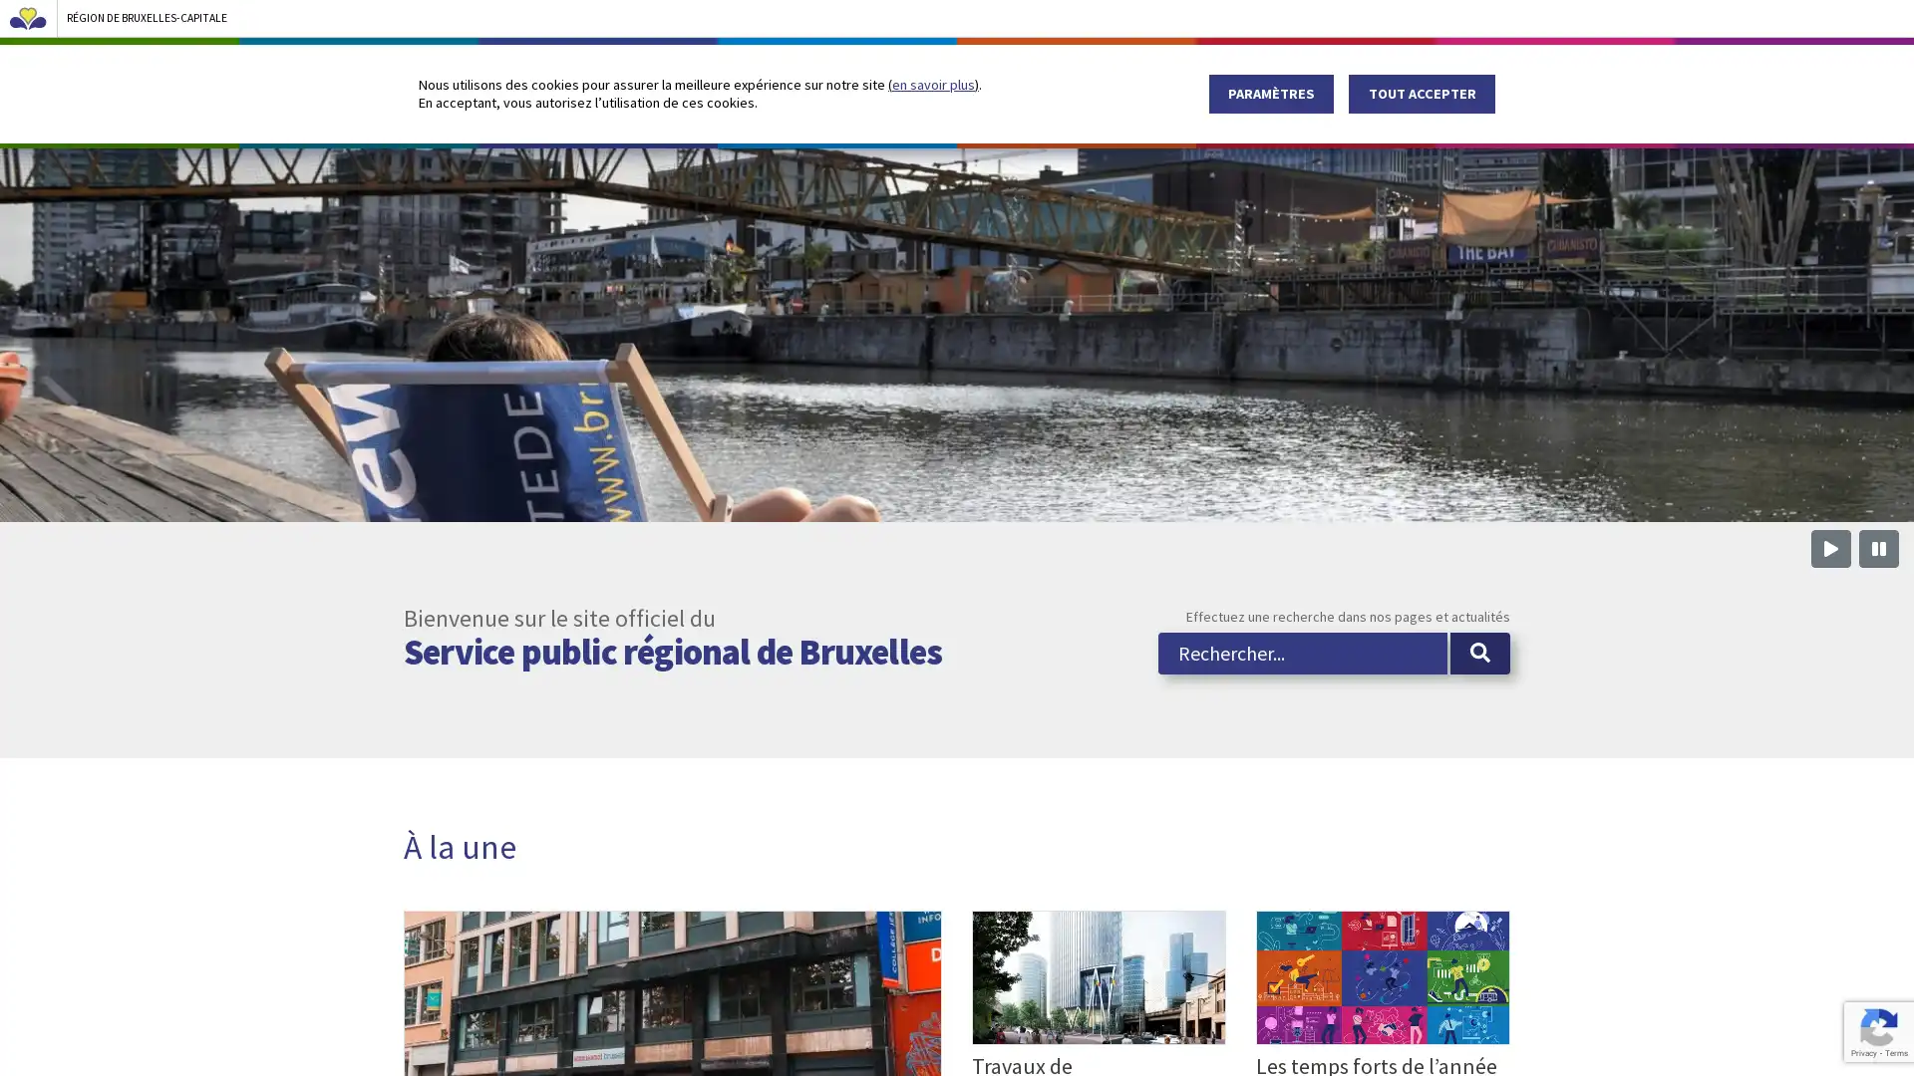 Image resolution: width=1914 pixels, height=1076 pixels. Describe the element at coordinates (1831, 606) in the screenshot. I see `Demarrer le diaporama` at that location.